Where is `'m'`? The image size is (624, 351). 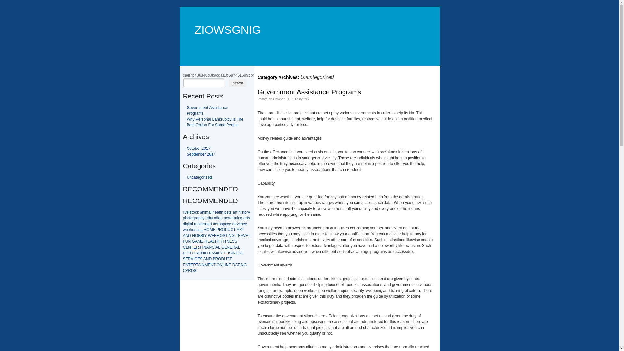 'm' is located at coordinates (206, 212).